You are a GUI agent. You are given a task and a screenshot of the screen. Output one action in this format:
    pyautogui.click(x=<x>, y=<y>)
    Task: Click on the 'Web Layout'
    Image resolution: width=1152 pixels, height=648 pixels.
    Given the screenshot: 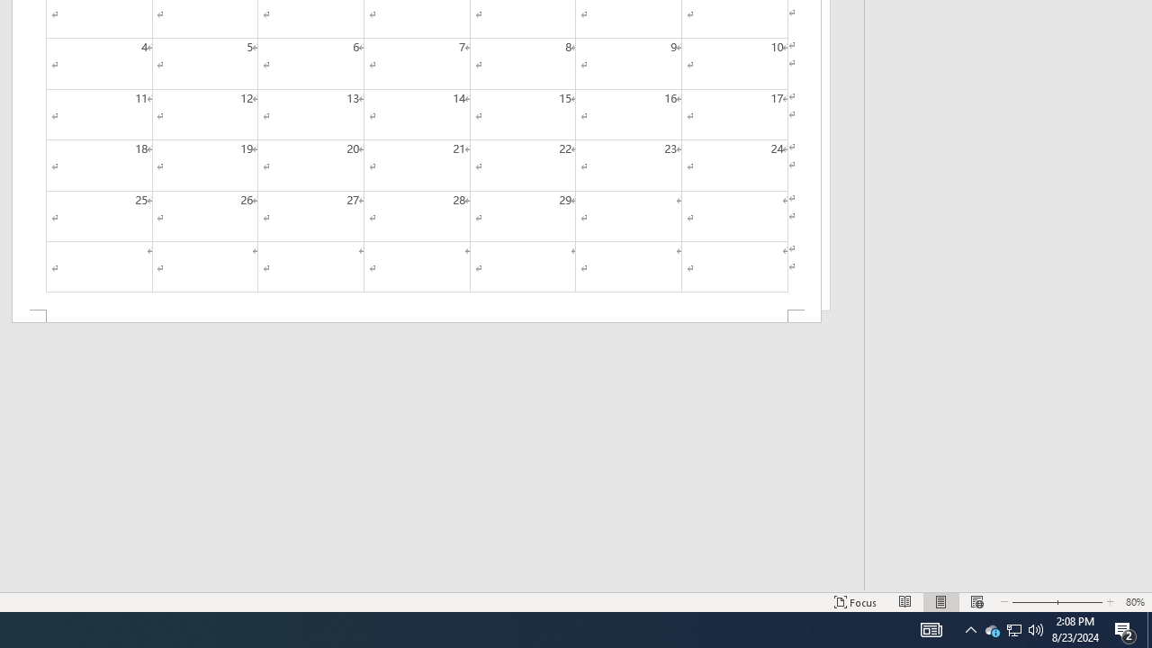 What is the action you would take?
    pyautogui.click(x=976, y=602)
    